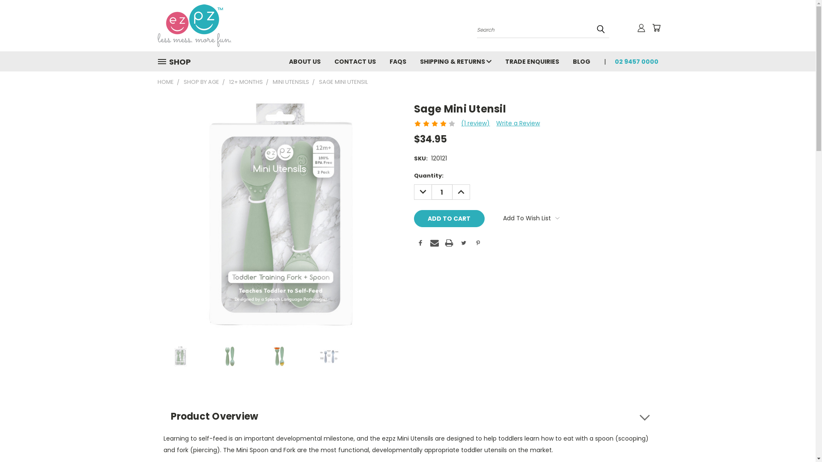 This screenshot has width=822, height=462. Describe the element at coordinates (600, 29) in the screenshot. I see `'submit'` at that location.